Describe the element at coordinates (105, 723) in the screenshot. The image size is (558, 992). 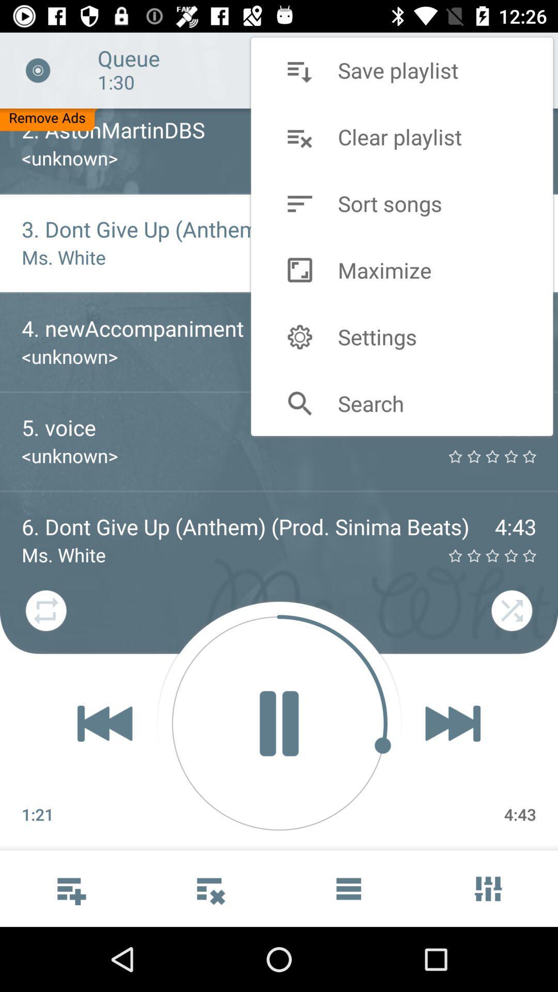
I see `the av_rewind icon` at that location.